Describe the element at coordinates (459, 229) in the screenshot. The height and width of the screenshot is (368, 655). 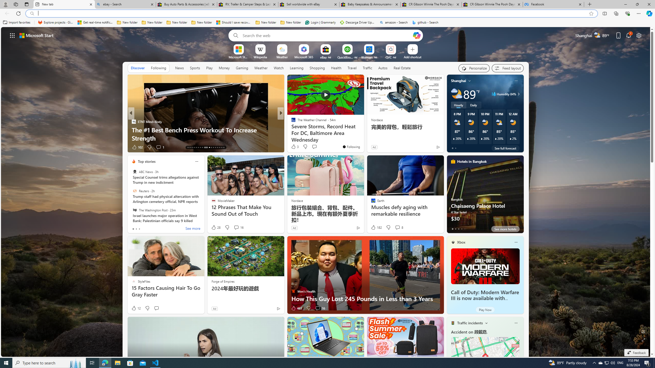
I see `'tab-2'` at that location.